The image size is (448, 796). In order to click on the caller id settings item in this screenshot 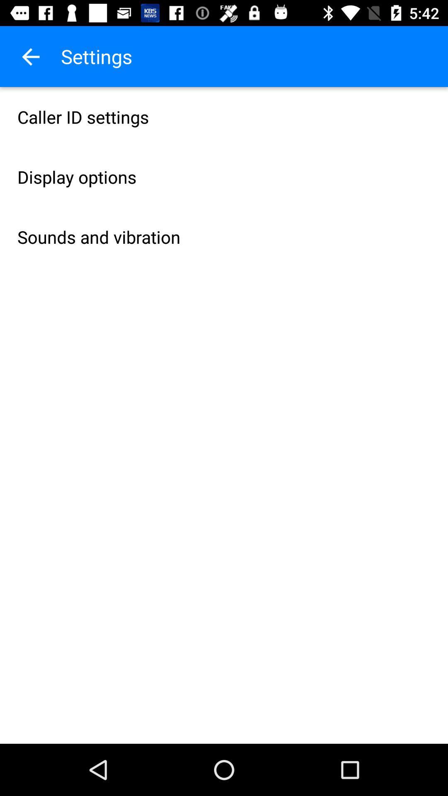, I will do `click(224, 116)`.